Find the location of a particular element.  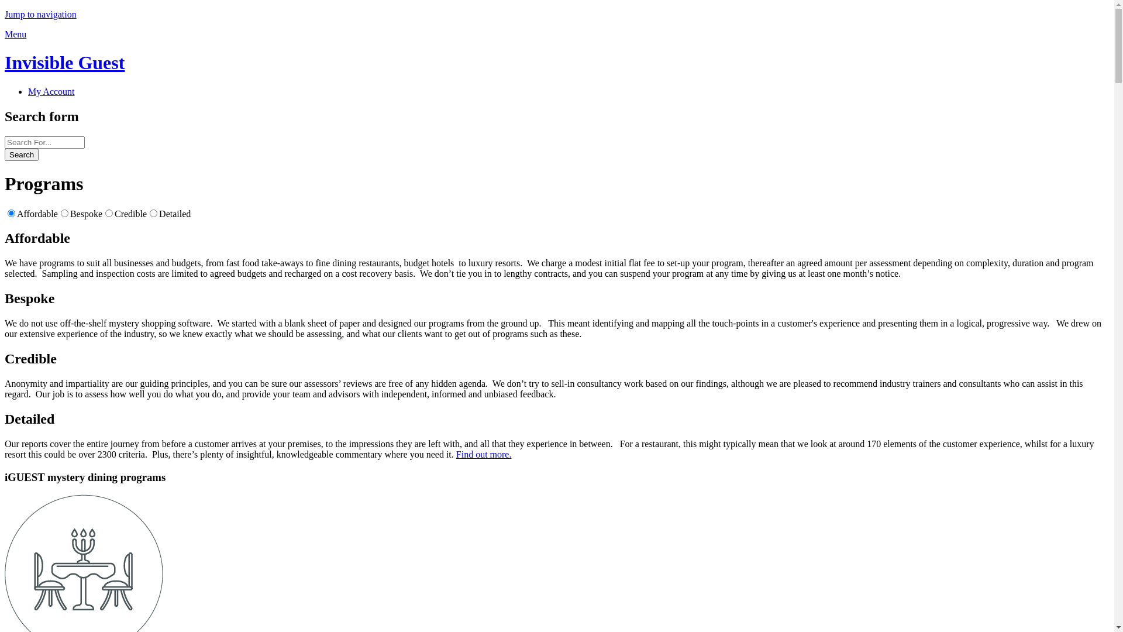

'Jump to navigation' is located at coordinates (40, 14).